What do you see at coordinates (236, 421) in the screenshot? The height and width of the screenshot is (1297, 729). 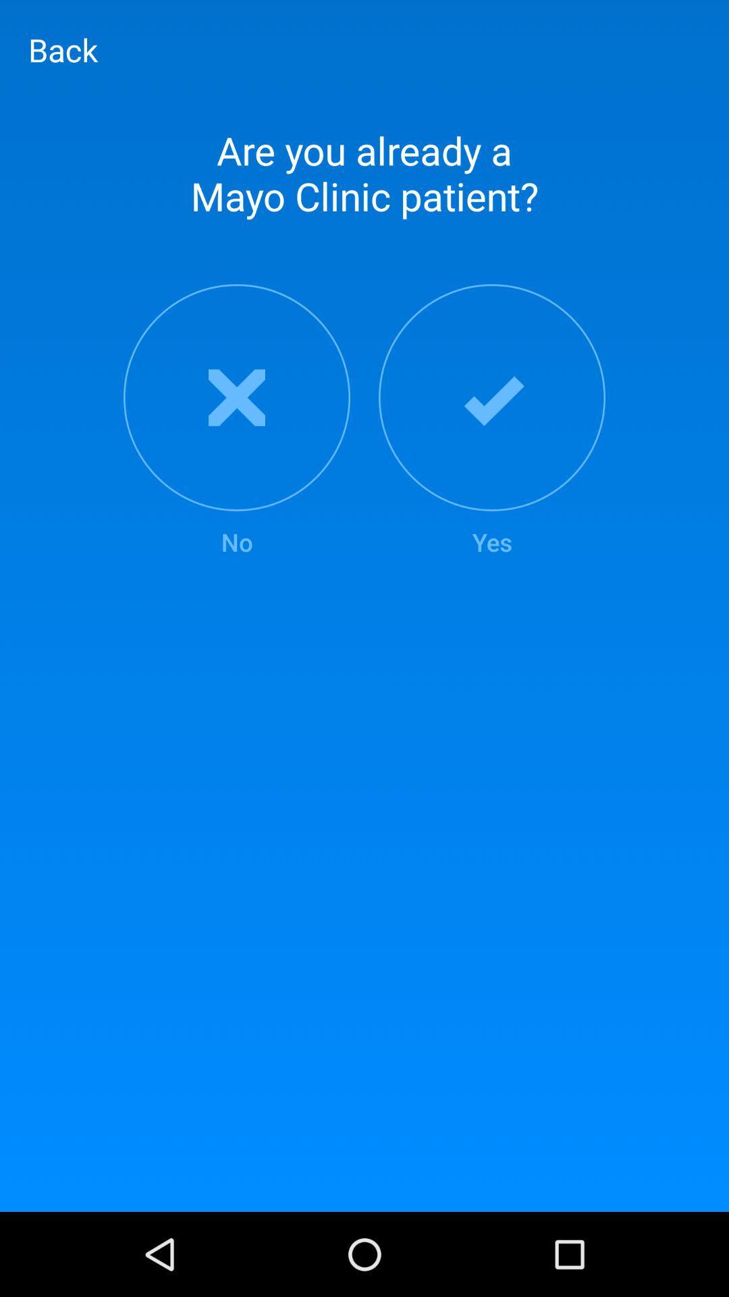 I see `the item next to the yes icon` at bounding box center [236, 421].